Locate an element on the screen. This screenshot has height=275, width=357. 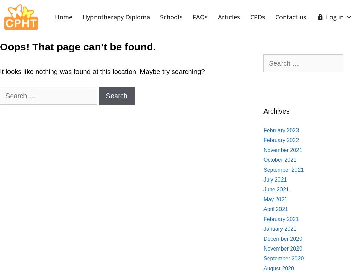
'CPDs' is located at coordinates (257, 17).